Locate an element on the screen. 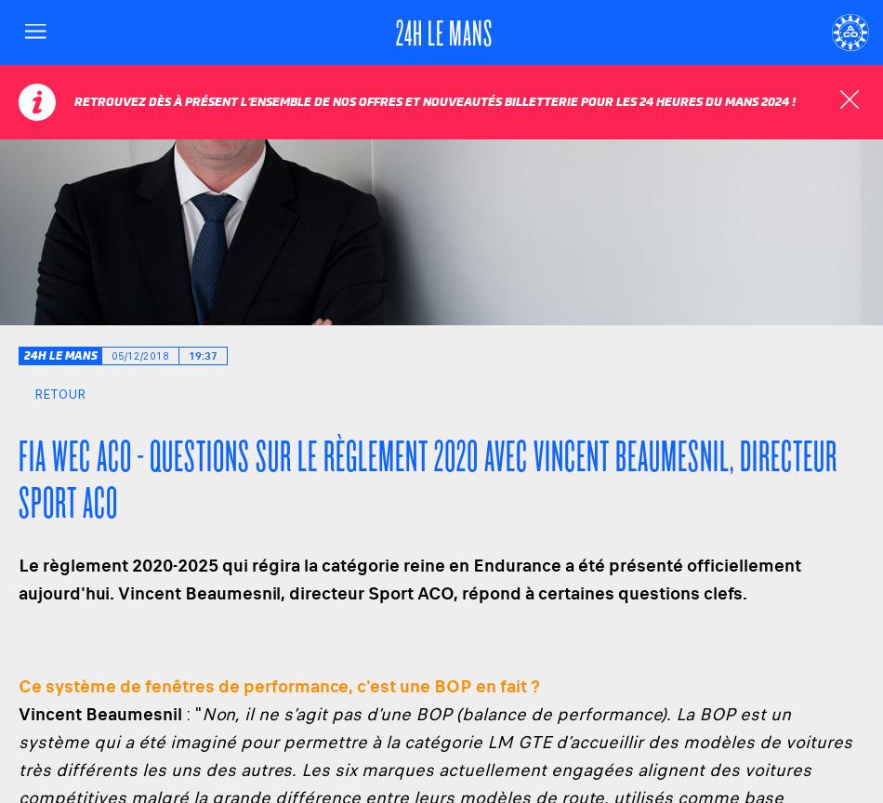  'Retrouvez dès à présent l'ensemble de nos offres et nouveautés billetterie pour les 24 Heures du Mans 2024 !' is located at coordinates (433, 100).